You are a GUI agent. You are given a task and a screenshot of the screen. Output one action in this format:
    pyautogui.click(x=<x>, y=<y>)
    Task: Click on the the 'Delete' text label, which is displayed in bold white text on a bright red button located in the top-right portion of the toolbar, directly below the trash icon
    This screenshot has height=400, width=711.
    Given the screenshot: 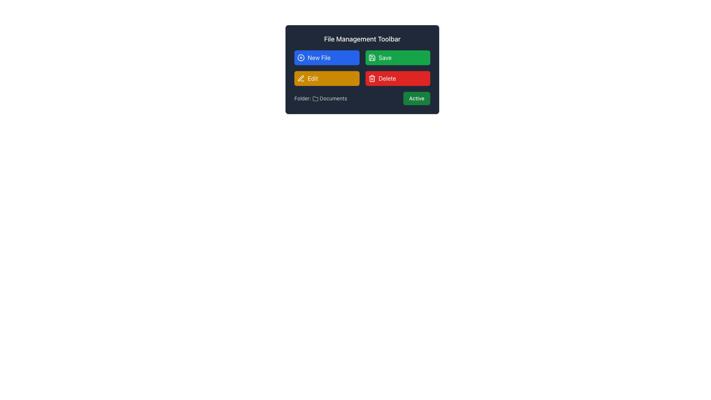 What is the action you would take?
    pyautogui.click(x=387, y=79)
    